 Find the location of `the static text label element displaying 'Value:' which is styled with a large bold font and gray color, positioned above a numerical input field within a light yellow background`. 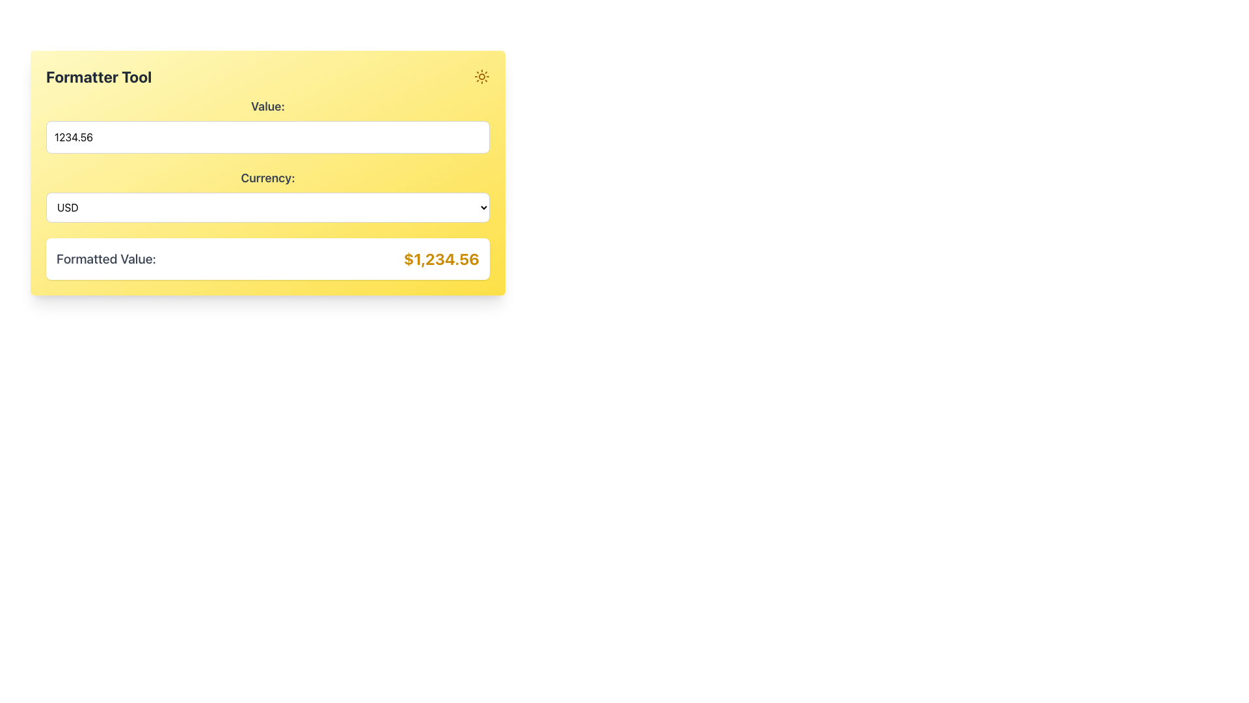

the static text label element displaying 'Value:' which is styled with a large bold font and gray color, positioned above a numerical input field within a light yellow background is located at coordinates (267, 106).